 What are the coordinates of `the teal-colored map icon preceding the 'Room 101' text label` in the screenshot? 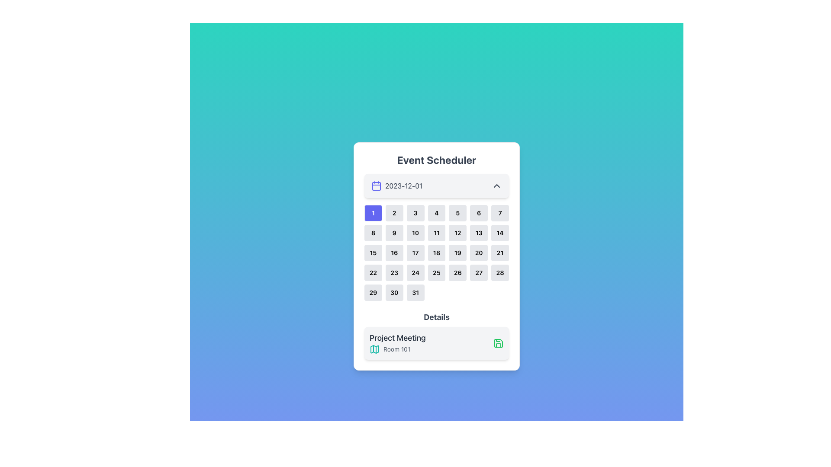 It's located at (397, 349).